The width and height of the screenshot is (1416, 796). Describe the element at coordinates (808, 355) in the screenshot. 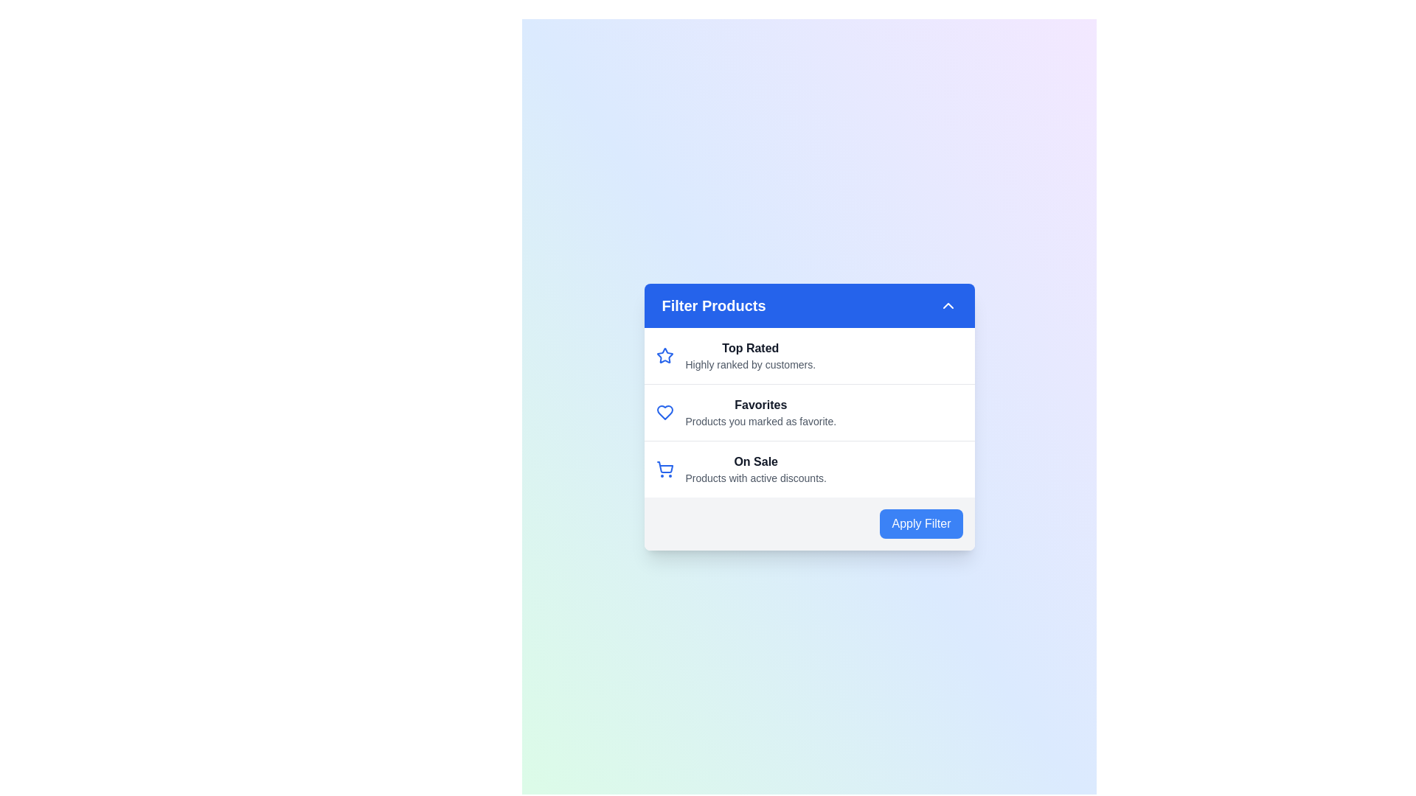

I see `the filter option Top Rated by clicking on its corresponding list item` at that location.